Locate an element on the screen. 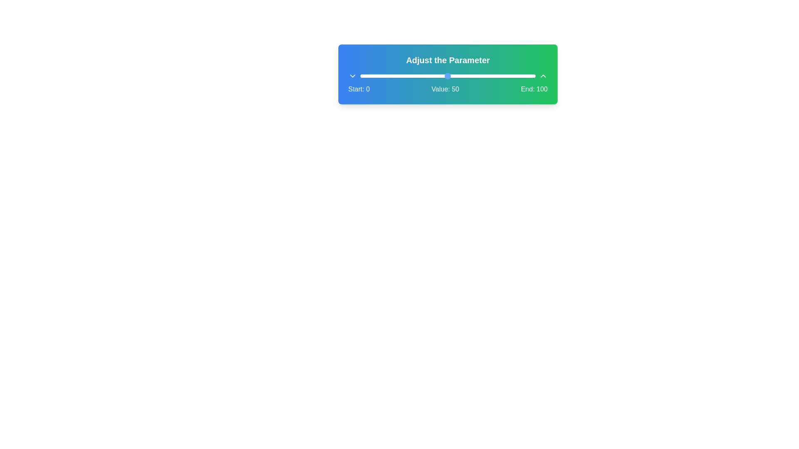 Image resolution: width=799 pixels, height=449 pixels. displayed value from the text label that shows 'Value: 50', which is styled with a white font color and located within a green-to-blue gradient background is located at coordinates (445, 89).